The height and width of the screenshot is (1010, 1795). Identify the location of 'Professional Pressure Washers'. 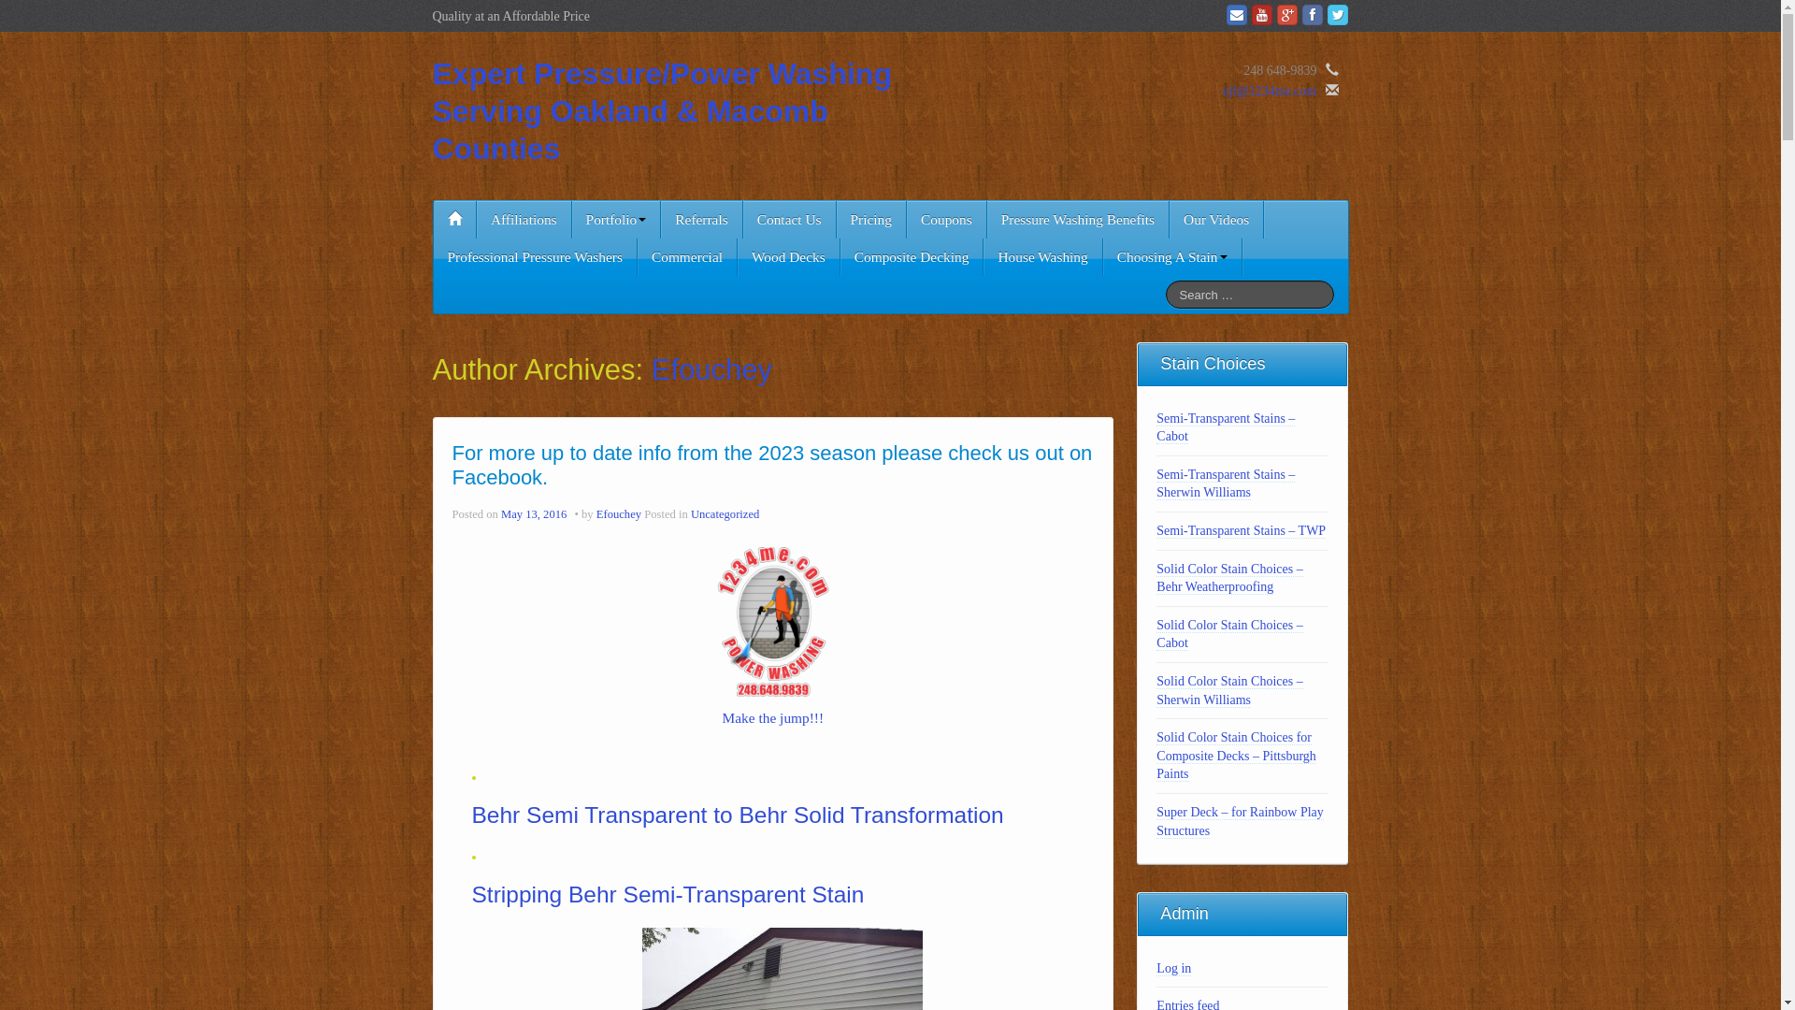
(534, 256).